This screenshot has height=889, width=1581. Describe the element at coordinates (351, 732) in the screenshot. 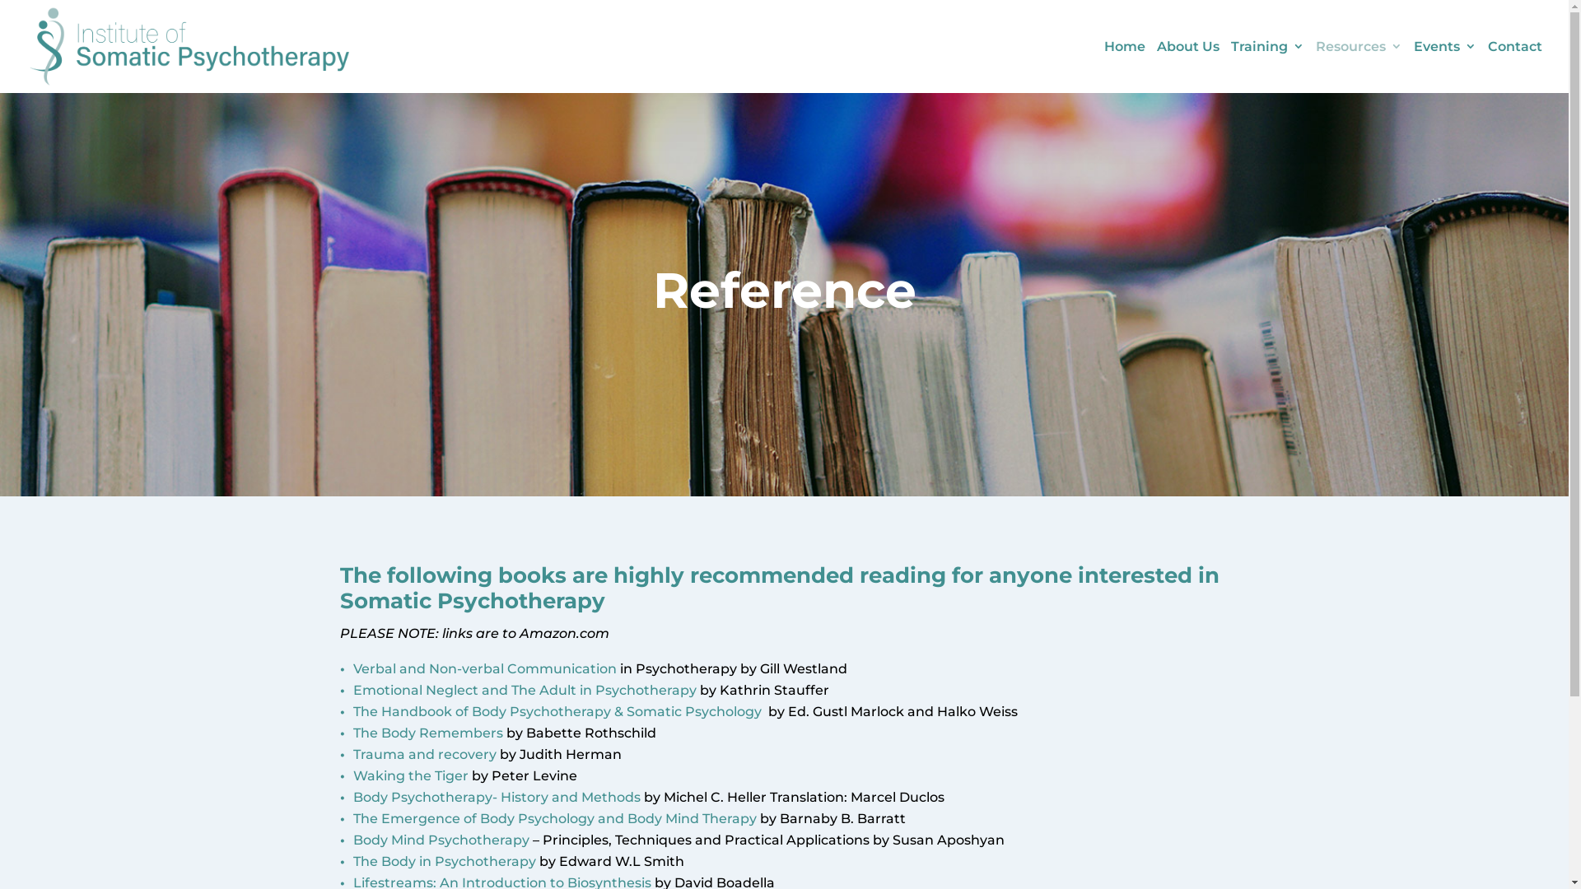

I see `'The Body Remembers'` at that location.